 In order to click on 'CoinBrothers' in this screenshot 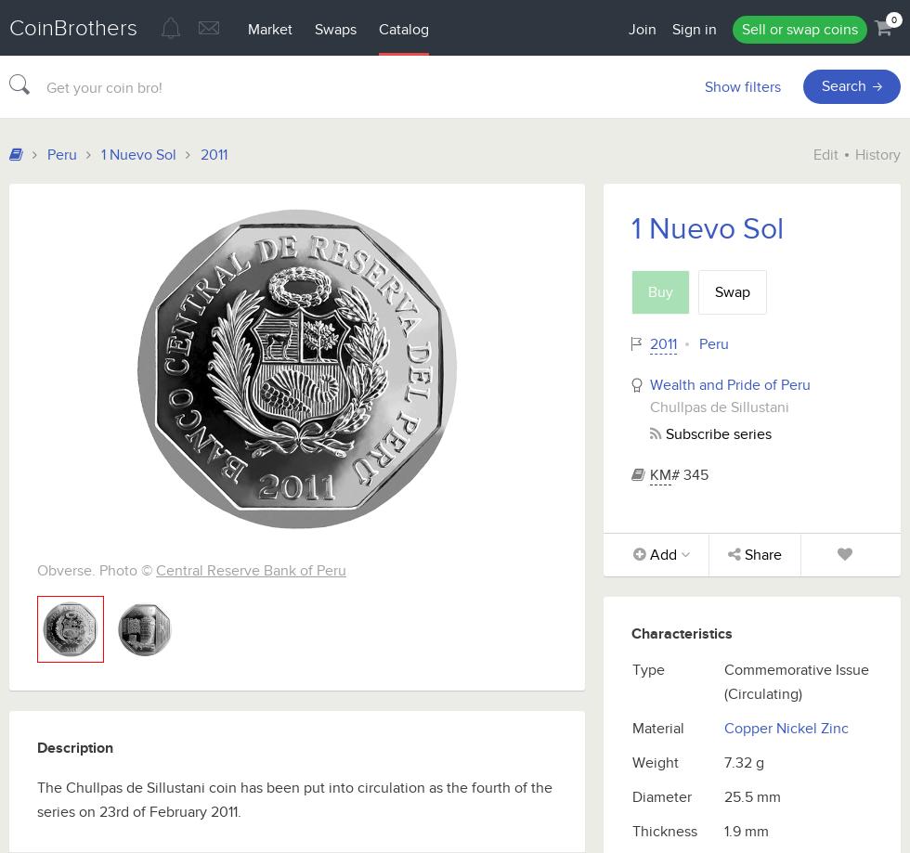, I will do `click(72, 28)`.